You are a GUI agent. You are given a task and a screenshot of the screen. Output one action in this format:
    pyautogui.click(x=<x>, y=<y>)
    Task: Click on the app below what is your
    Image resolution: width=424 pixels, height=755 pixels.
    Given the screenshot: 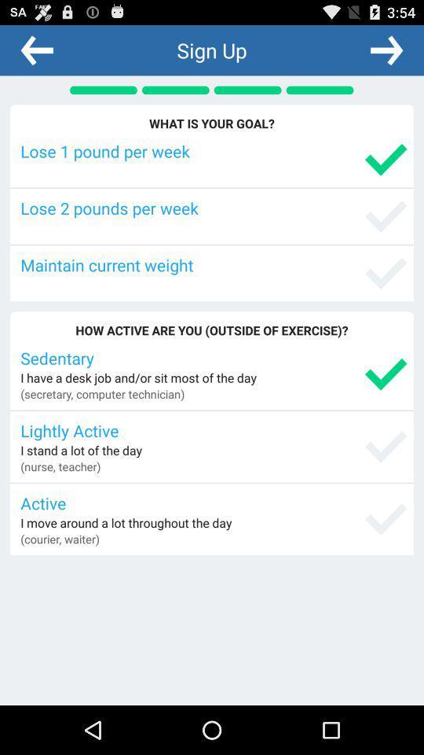 What is the action you would take?
    pyautogui.click(x=213, y=151)
    